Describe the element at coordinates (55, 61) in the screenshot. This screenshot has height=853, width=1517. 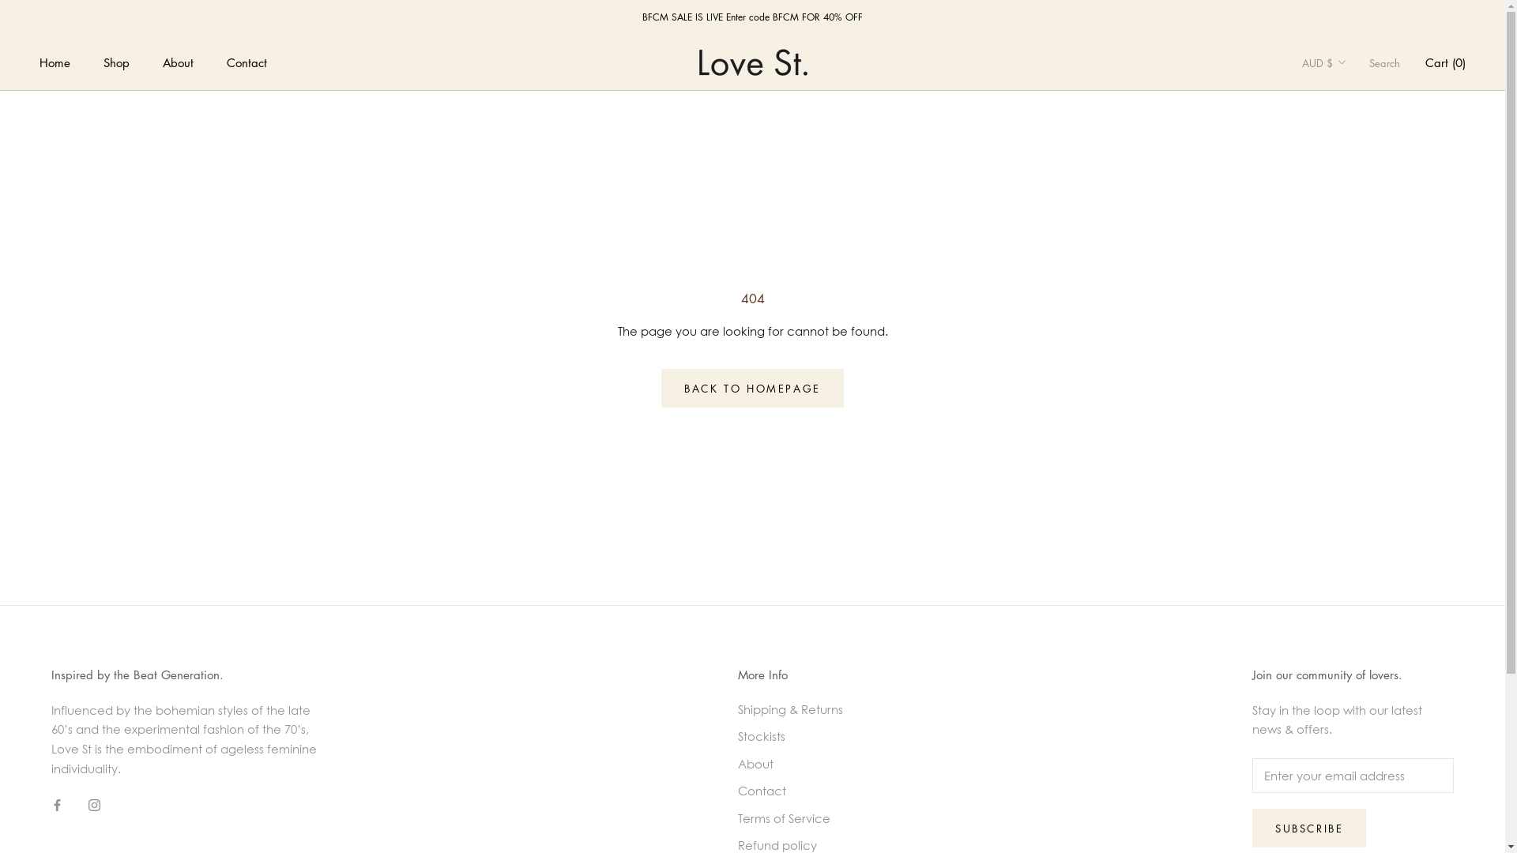
I see `'Home` at that location.